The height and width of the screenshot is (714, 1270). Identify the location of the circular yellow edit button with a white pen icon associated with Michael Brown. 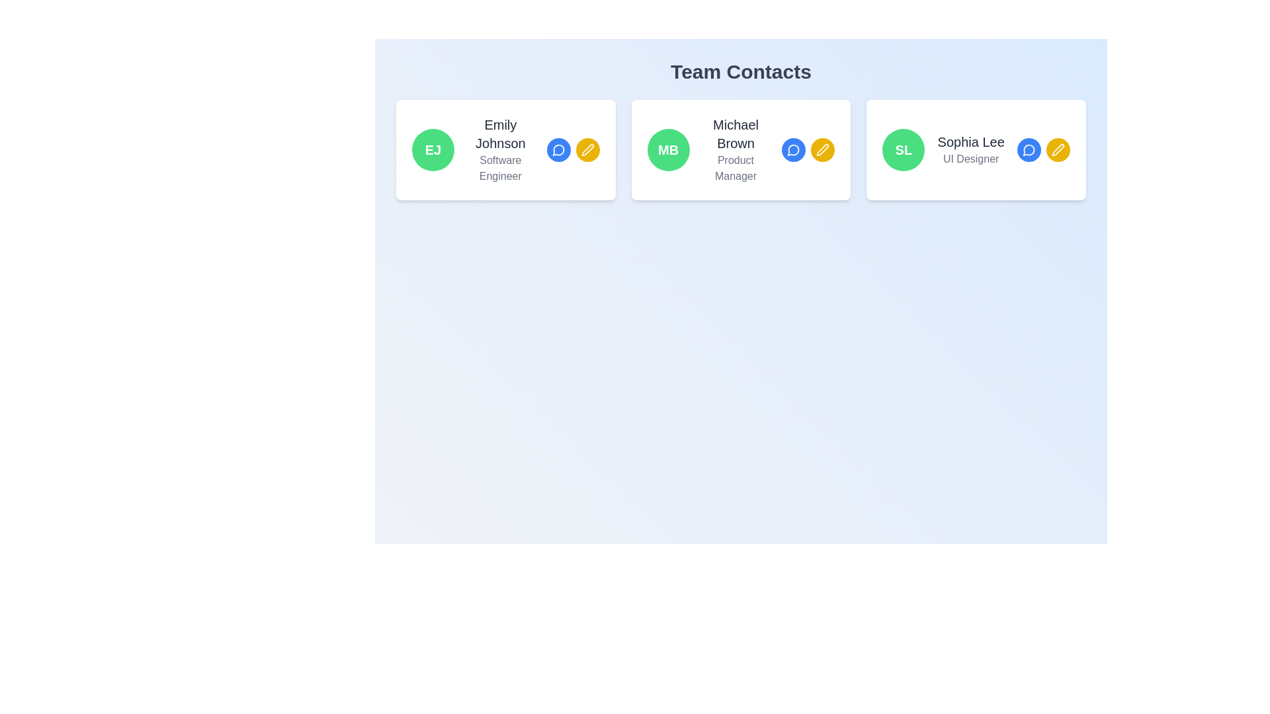
(822, 149).